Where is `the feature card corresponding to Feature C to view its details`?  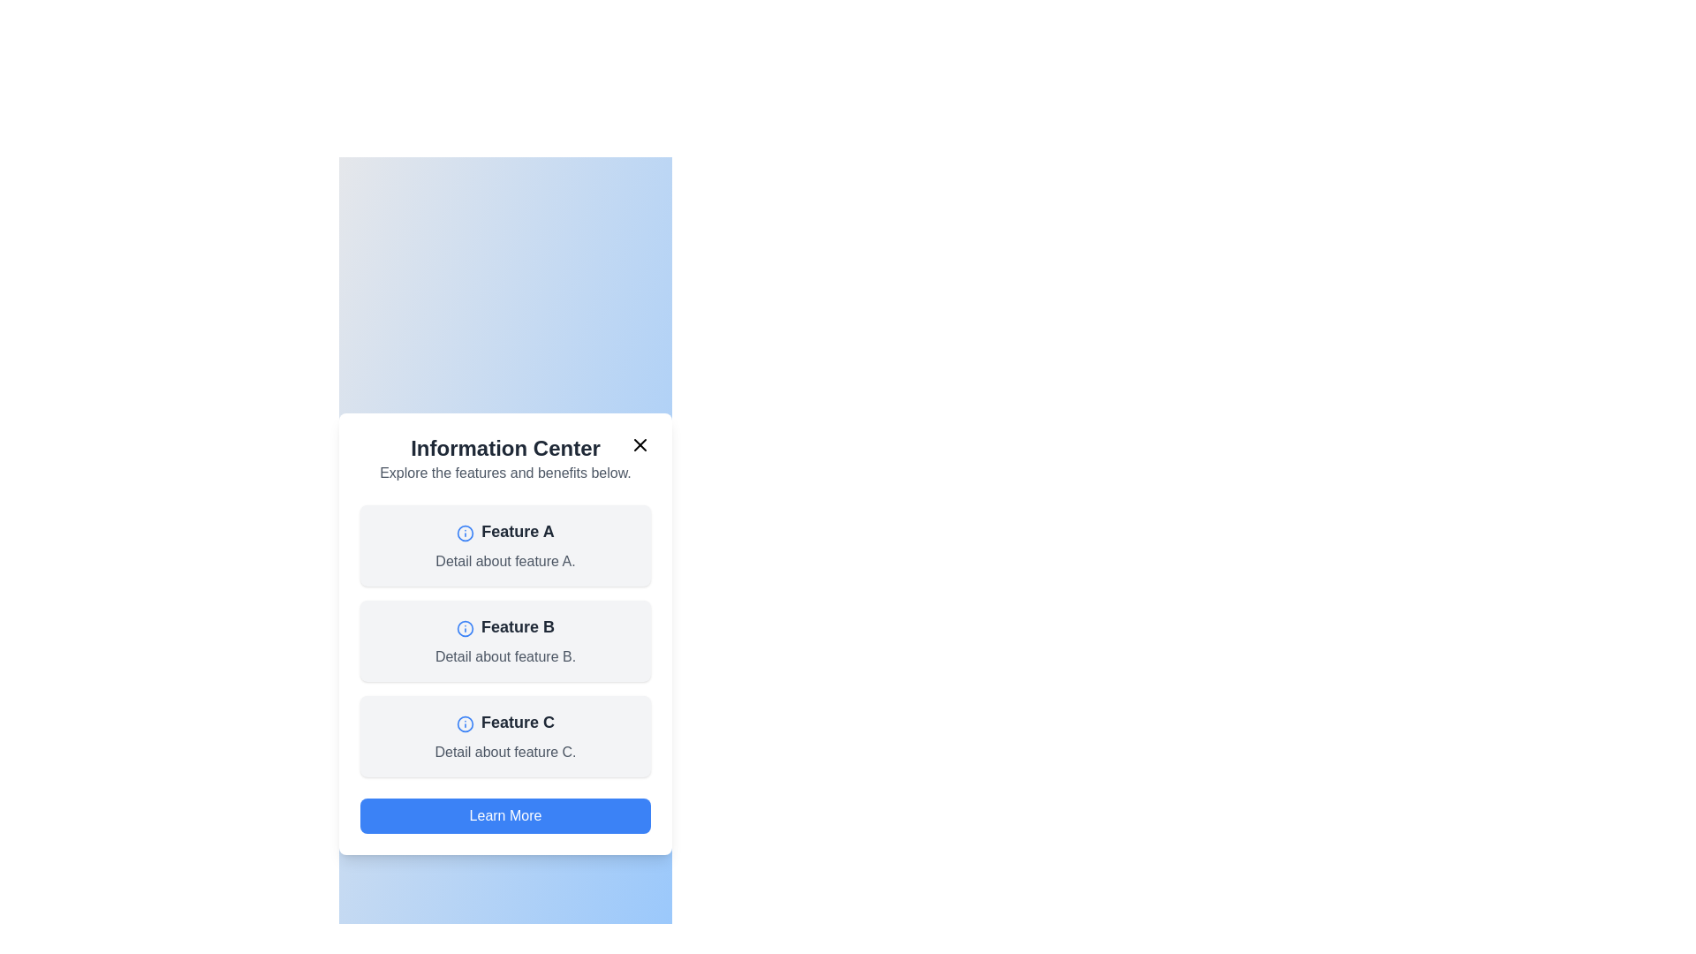 the feature card corresponding to Feature C to view its details is located at coordinates (504, 736).